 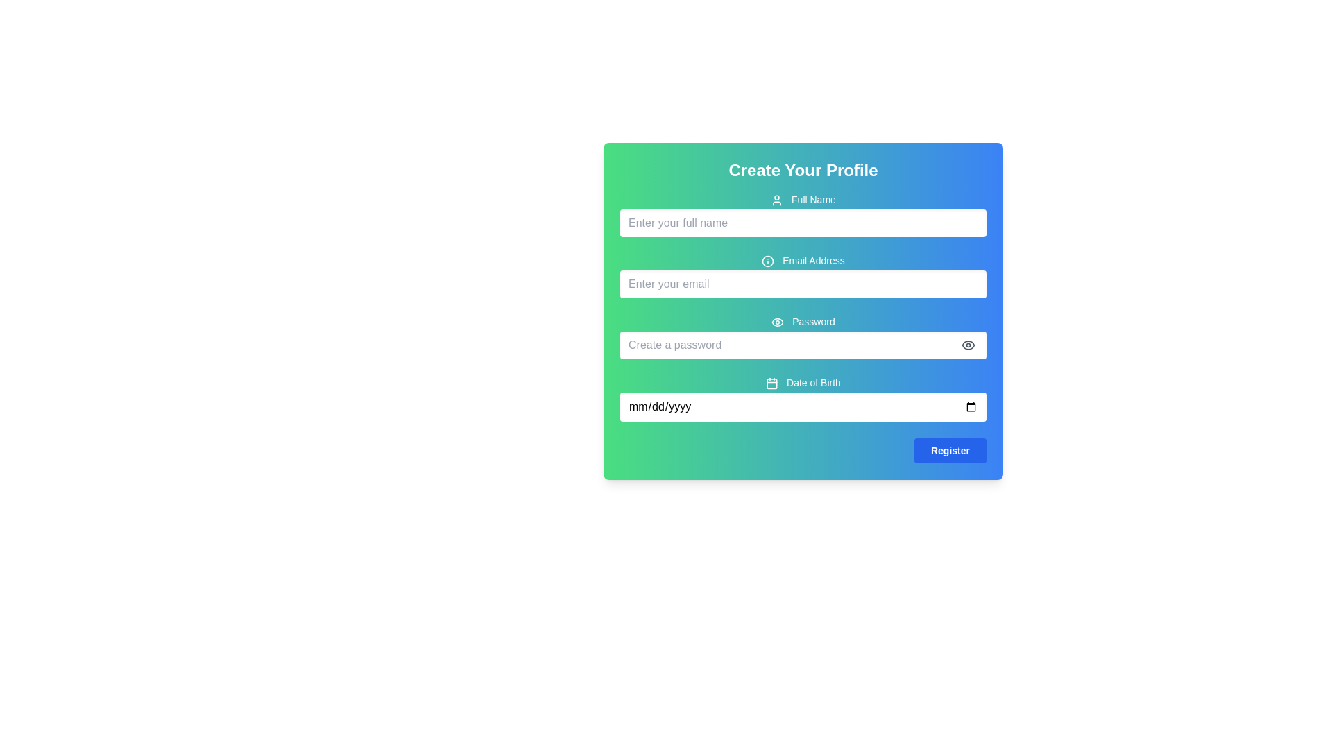 I want to click on the stylized eye icon located within the button on the right side of the password input field, so click(x=968, y=344).